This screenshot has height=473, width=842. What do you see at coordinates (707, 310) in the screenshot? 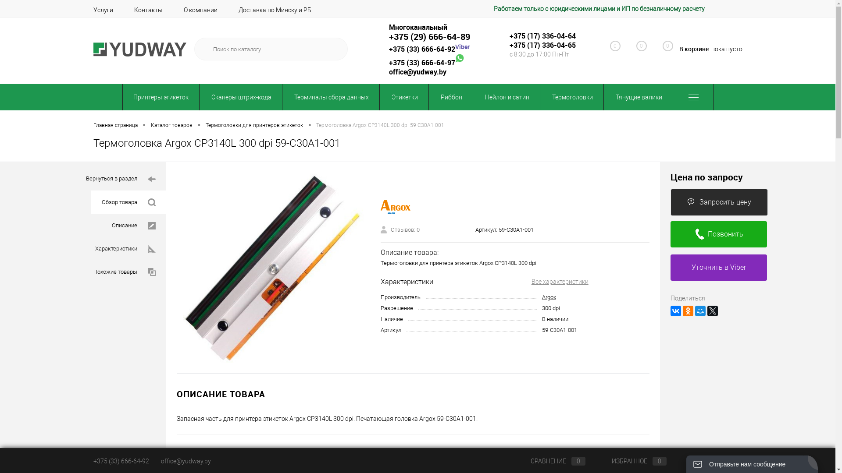
I see `'Twitter'` at bounding box center [707, 310].